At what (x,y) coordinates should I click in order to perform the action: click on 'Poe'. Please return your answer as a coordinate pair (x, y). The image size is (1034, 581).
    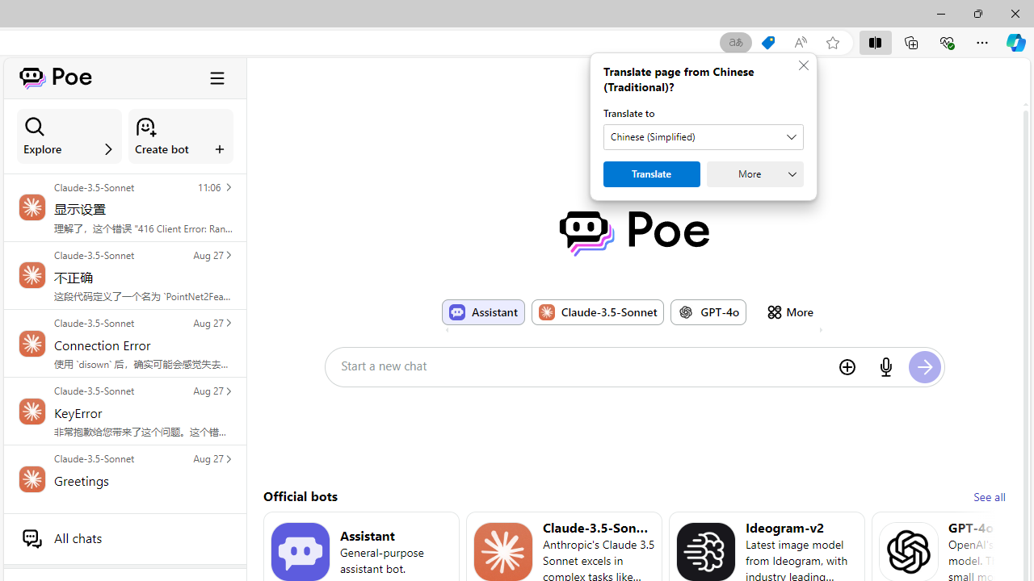
    Looking at the image, I should click on (633, 233).